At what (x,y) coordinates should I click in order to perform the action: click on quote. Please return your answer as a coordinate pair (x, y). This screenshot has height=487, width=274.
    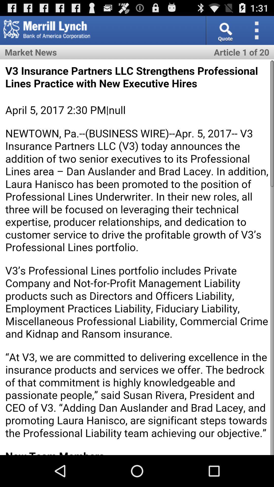
    Looking at the image, I should click on (224, 30).